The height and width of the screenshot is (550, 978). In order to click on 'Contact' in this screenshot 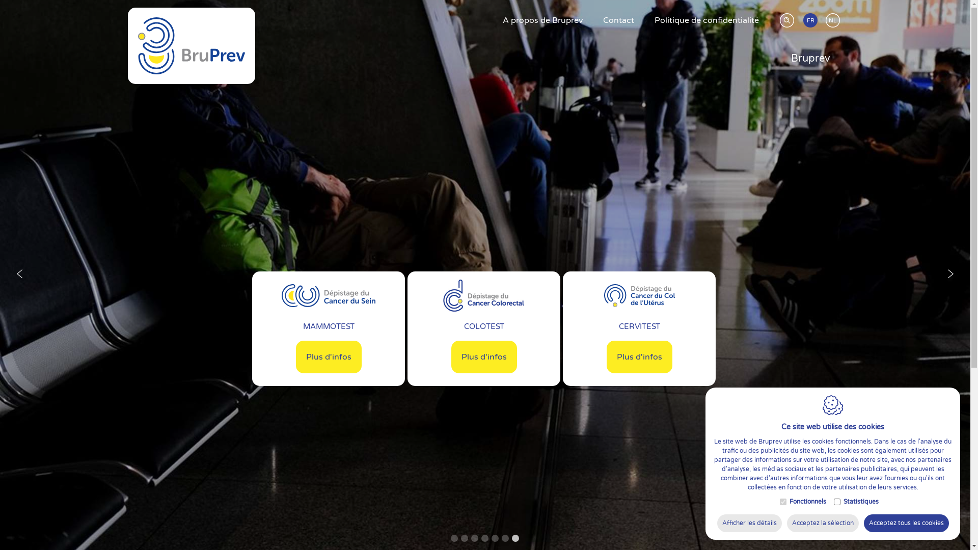, I will do `click(617, 20)`.